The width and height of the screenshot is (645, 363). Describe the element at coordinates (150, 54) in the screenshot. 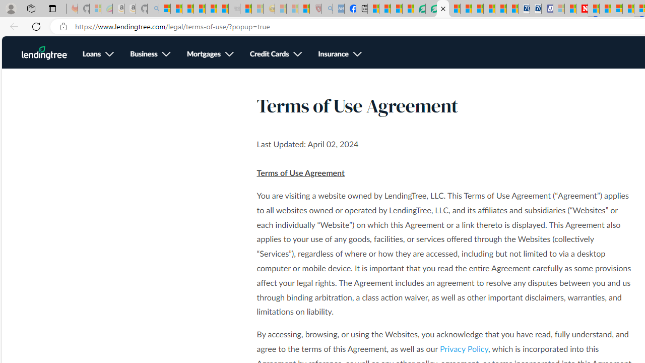

I see `'Business, see more'` at that location.